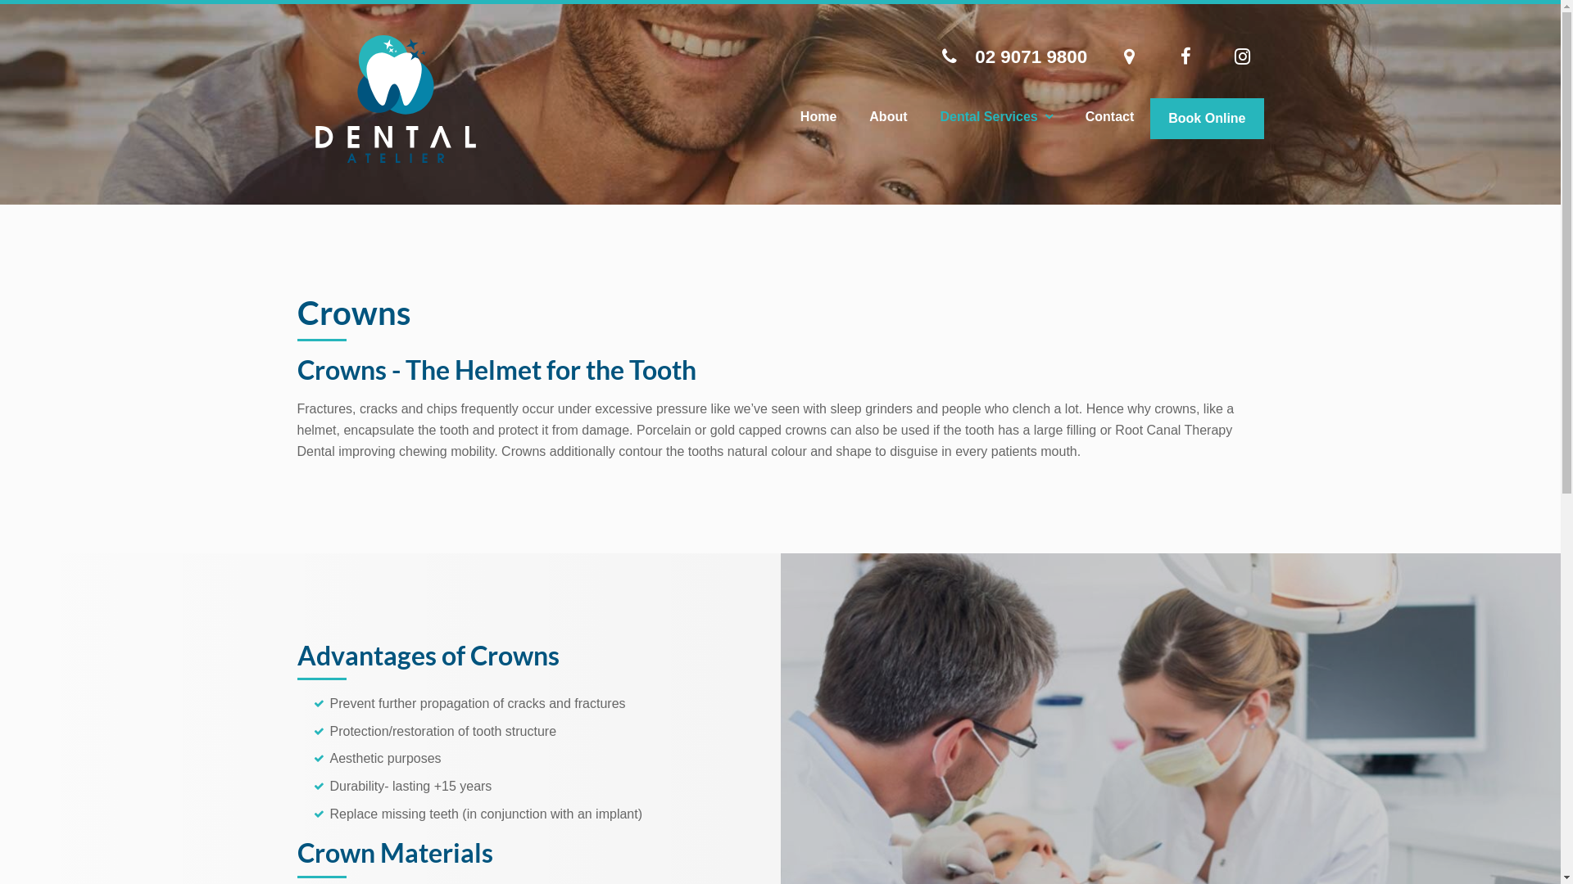 Image resolution: width=1573 pixels, height=884 pixels. What do you see at coordinates (924, 115) in the screenshot?
I see `'Dental Services'` at bounding box center [924, 115].